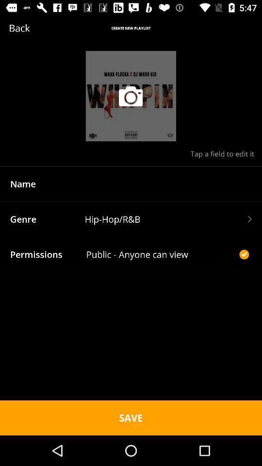 The height and width of the screenshot is (466, 262). What do you see at coordinates (244, 254) in the screenshot?
I see `icon on the right` at bounding box center [244, 254].